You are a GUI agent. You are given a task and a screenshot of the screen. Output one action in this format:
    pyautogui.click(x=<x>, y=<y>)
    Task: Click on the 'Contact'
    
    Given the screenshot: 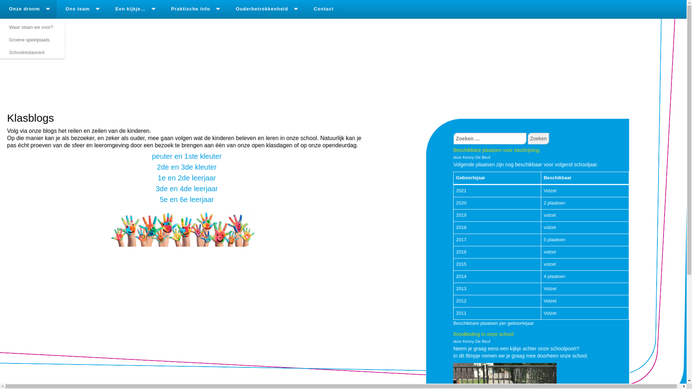 What is the action you would take?
    pyautogui.click(x=323, y=9)
    